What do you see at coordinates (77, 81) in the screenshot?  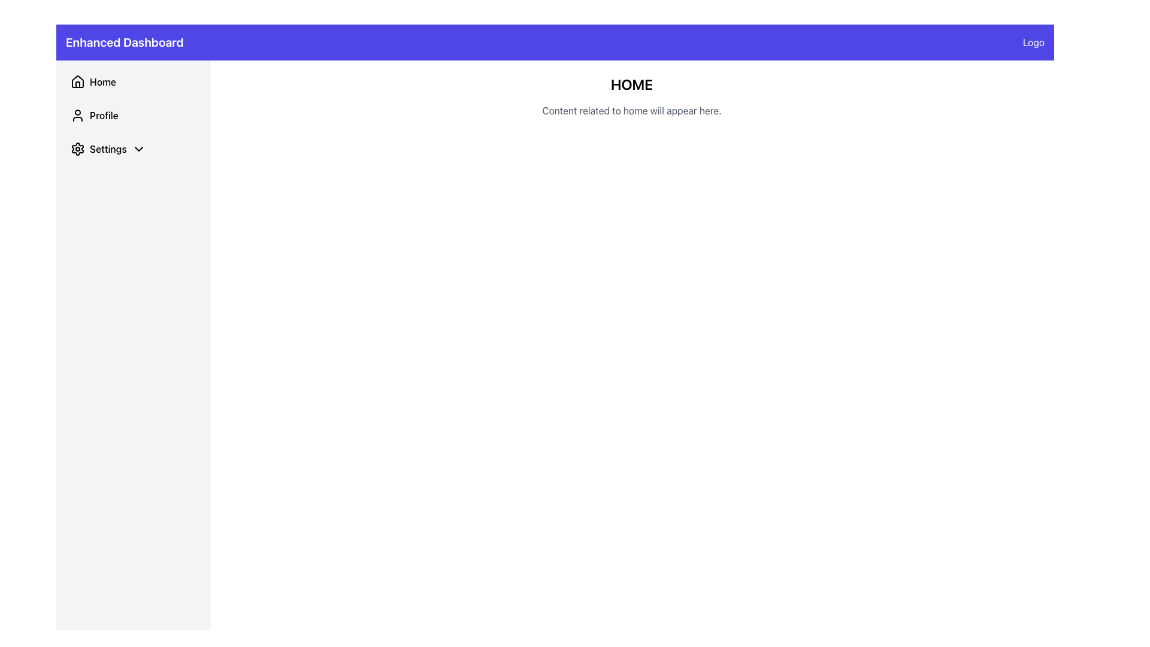 I see `the decorative vector graphic within the house-shaped icon located in the sidebar, which is the first item under the 'Enhanced Dashboard' header` at bounding box center [77, 81].